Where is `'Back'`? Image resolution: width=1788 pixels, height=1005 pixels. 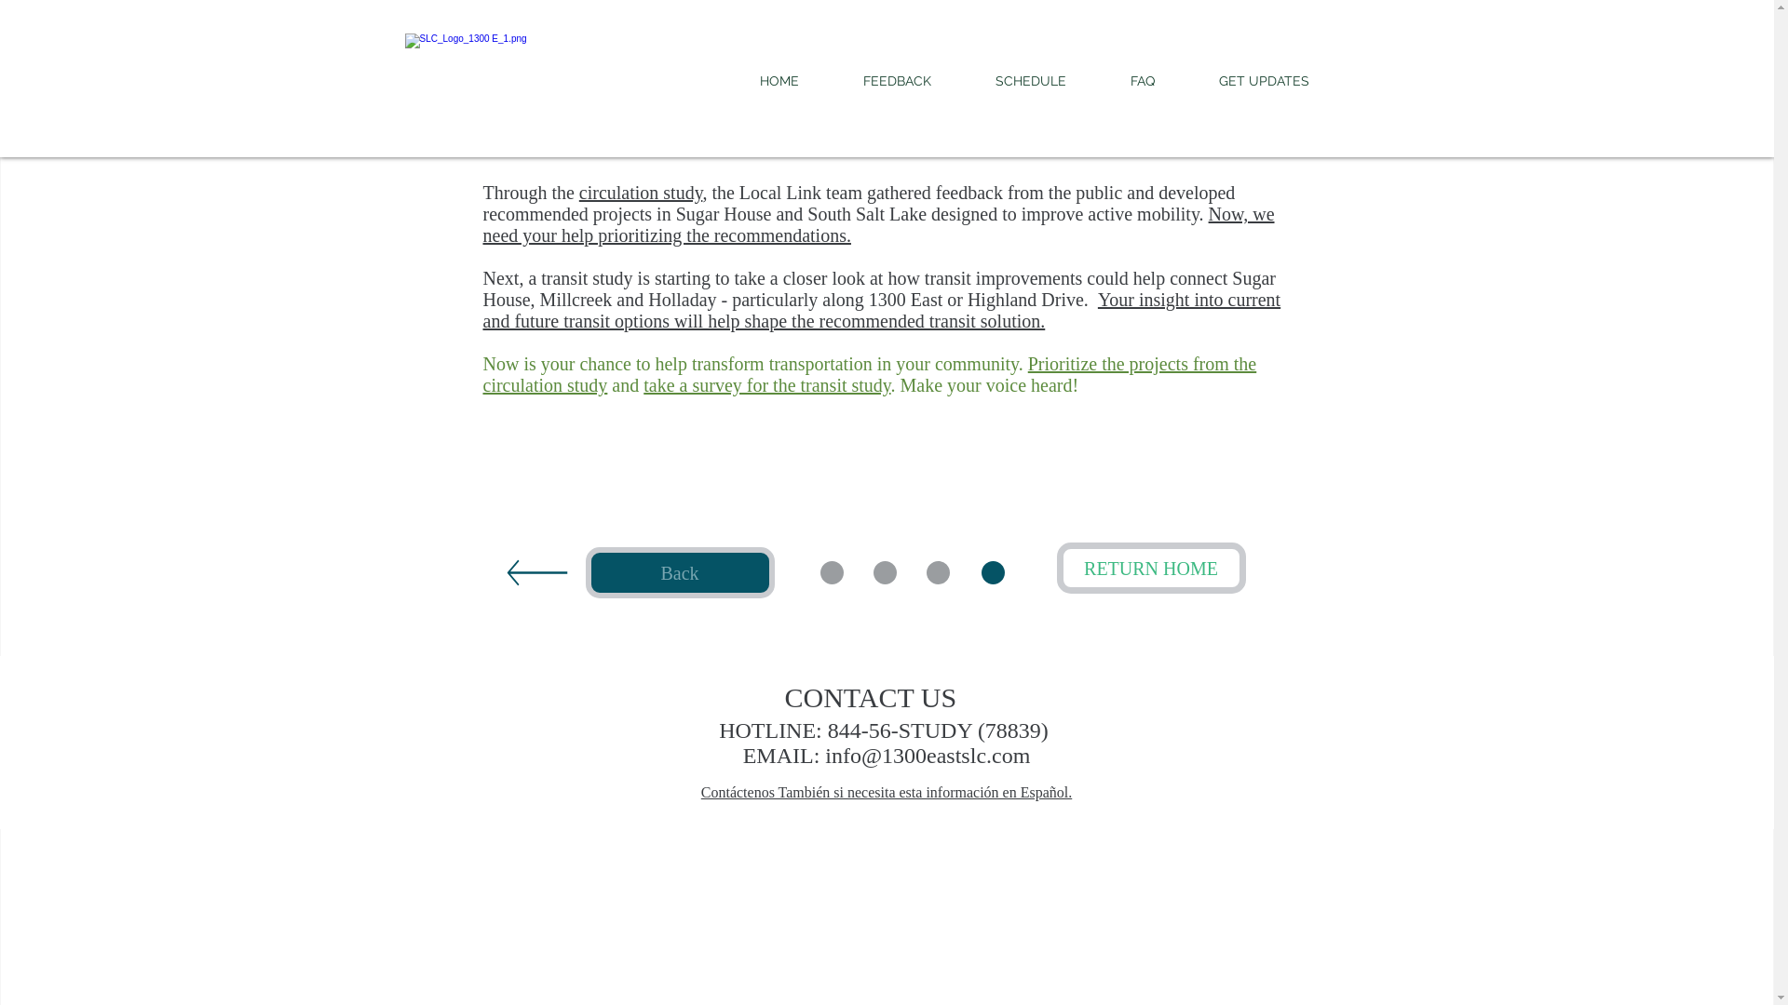 'Back' is located at coordinates (678, 571).